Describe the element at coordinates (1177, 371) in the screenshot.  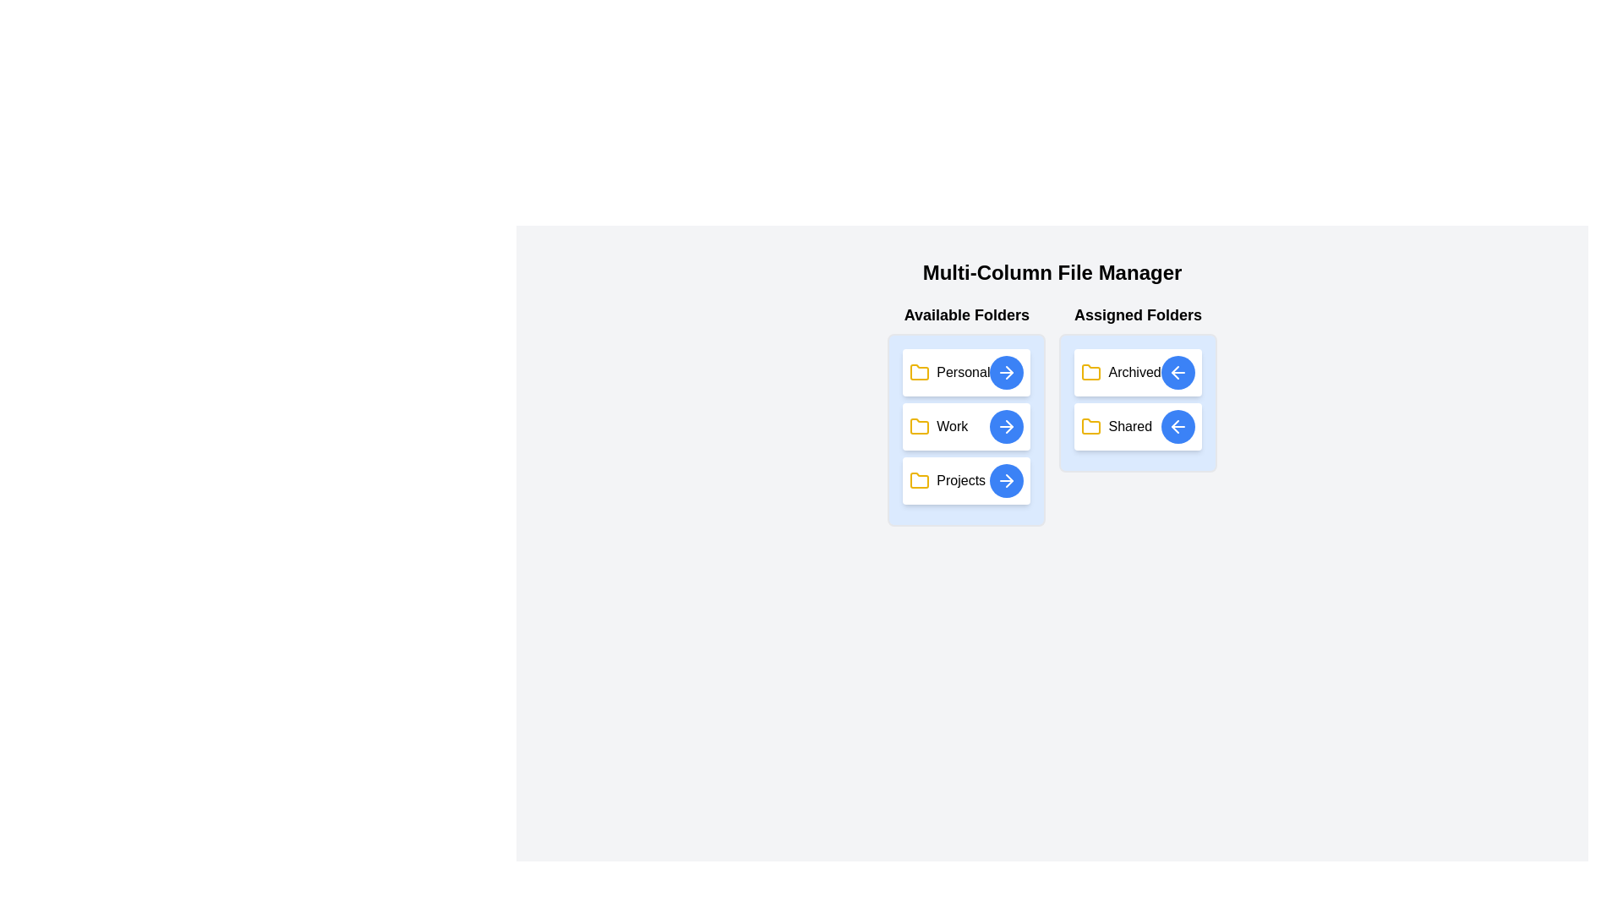
I see `the transfer button for the 'Archived' folder in the 'Assigned Folders' column` at that location.